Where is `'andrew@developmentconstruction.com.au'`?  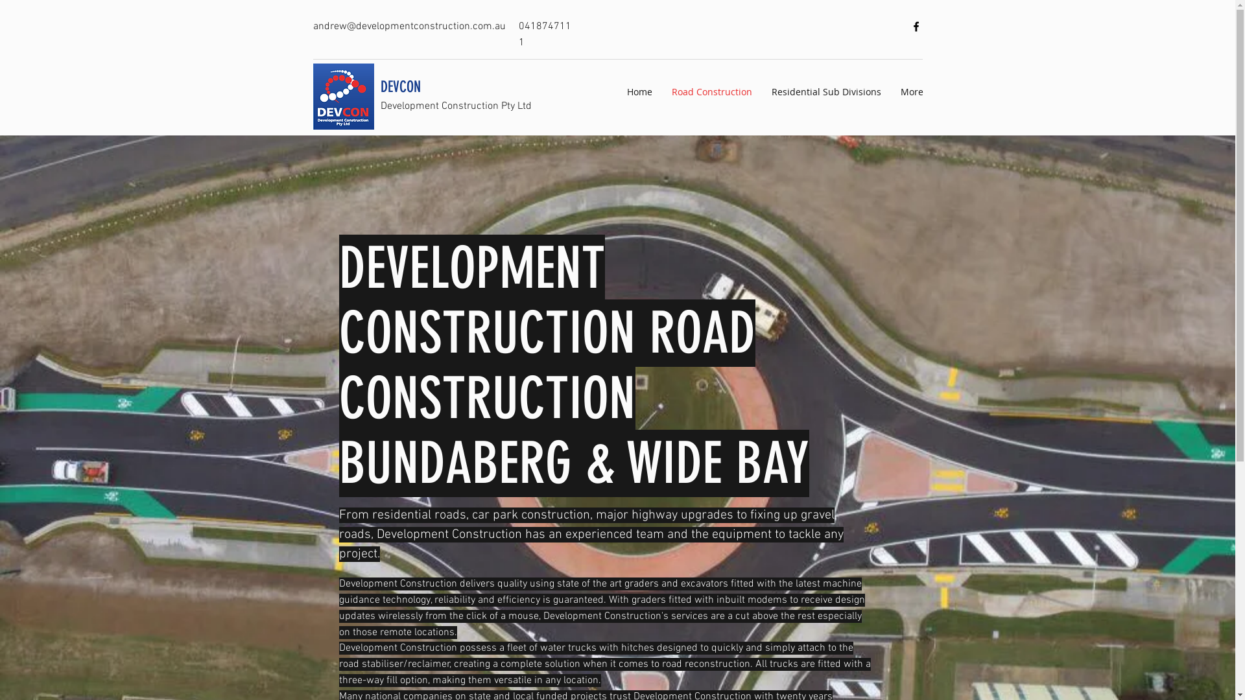 'andrew@developmentconstruction.com.au' is located at coordinates (408, 27).